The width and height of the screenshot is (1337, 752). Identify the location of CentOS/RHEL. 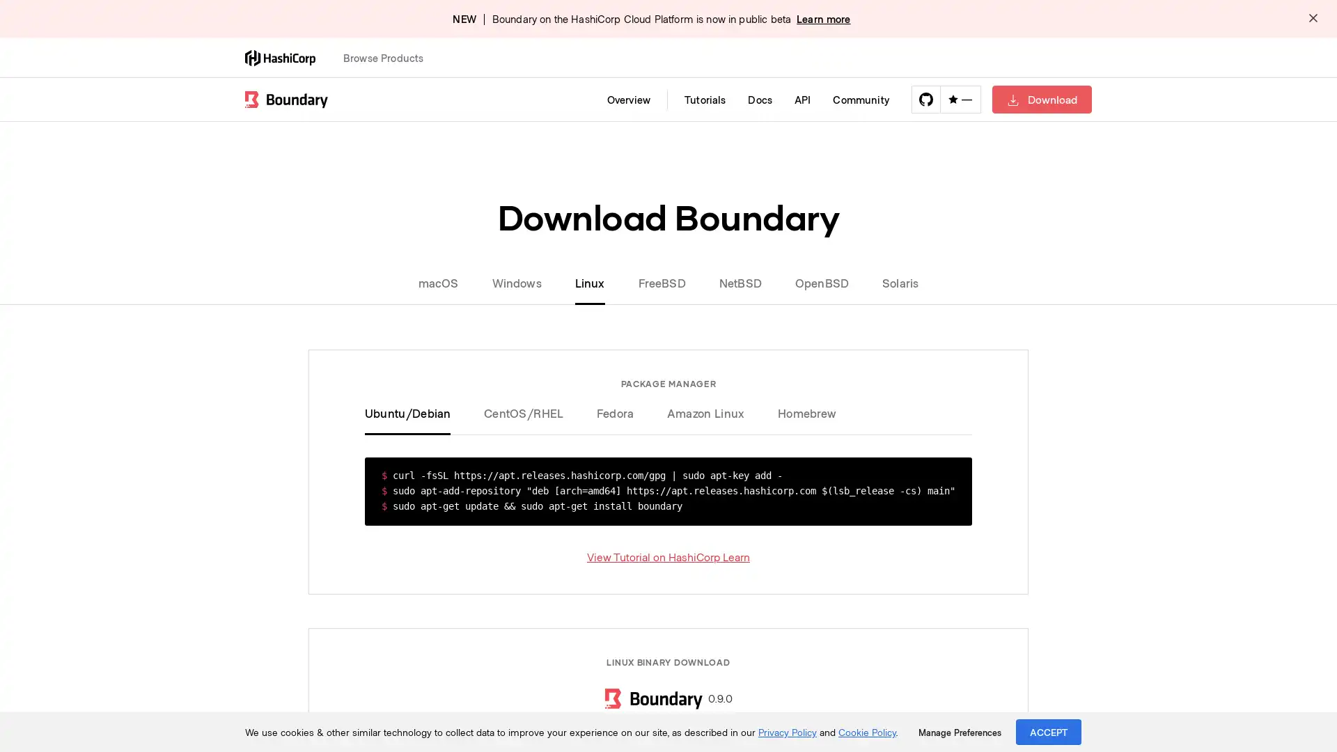
(523, 412).